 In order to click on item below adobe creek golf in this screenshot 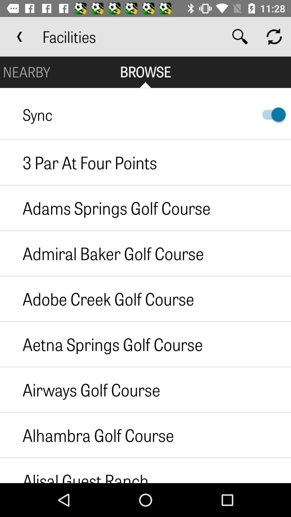, I will do `click(101, 344)`.